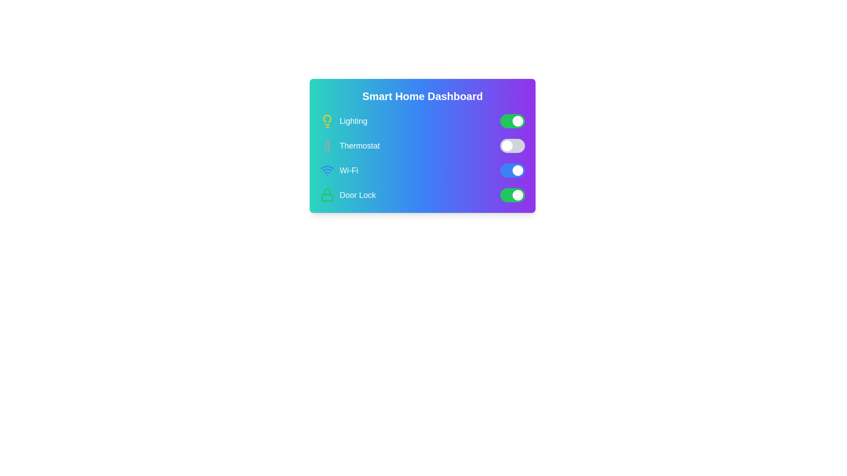  Describe the element at coordinates (327, 145) in the screenshot. I see `the thermometer icon located to the left of the 'Thermostat' text in the second row of the Smart Home Dashboard` at that location.